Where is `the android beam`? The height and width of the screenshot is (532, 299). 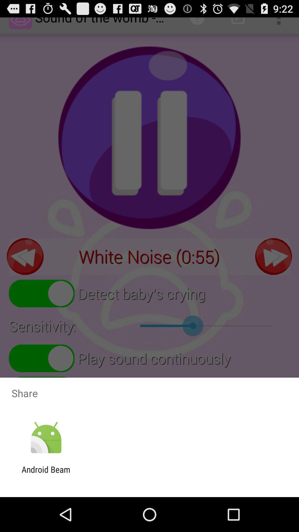
the android beam is located at coordinates (46, 474).